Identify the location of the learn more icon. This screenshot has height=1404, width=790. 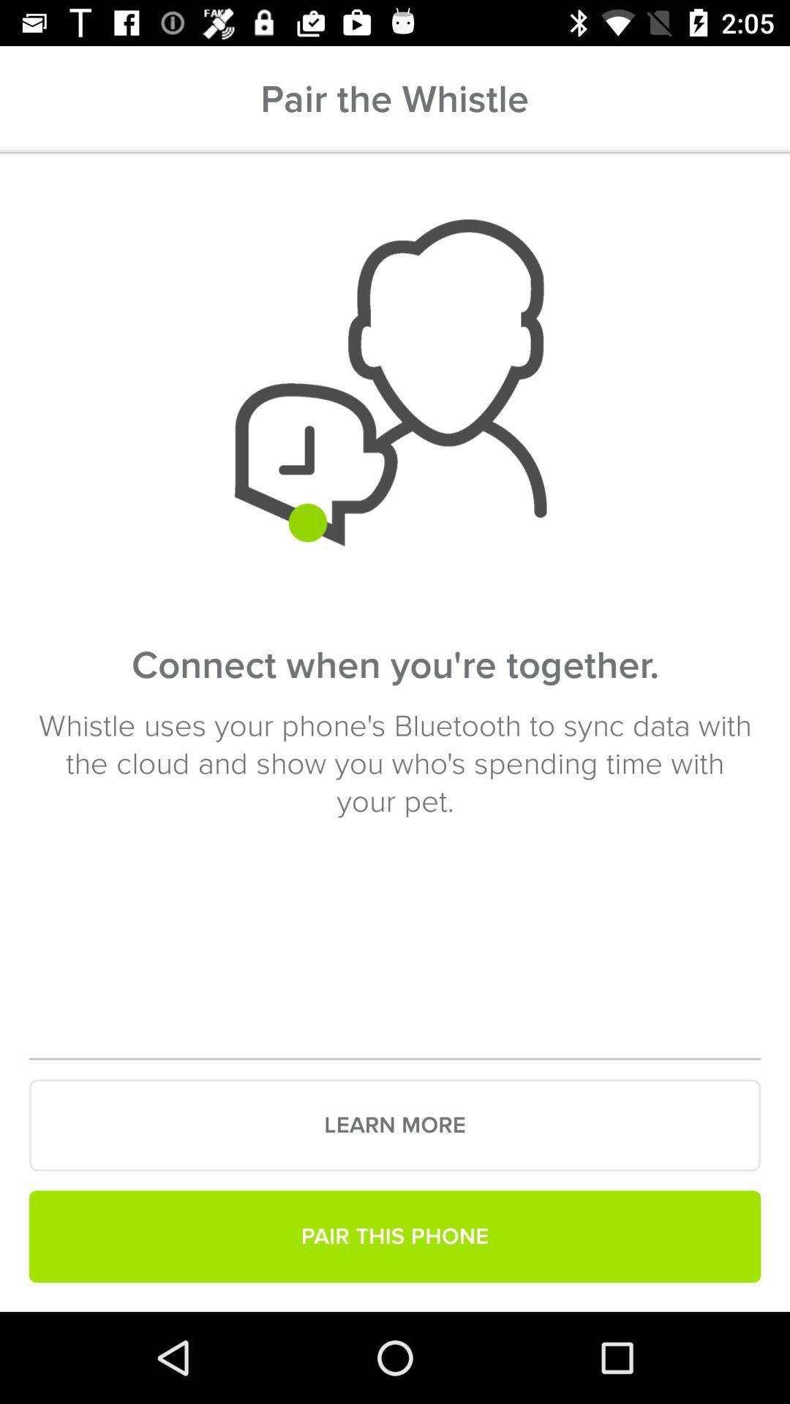
(395, 1125).